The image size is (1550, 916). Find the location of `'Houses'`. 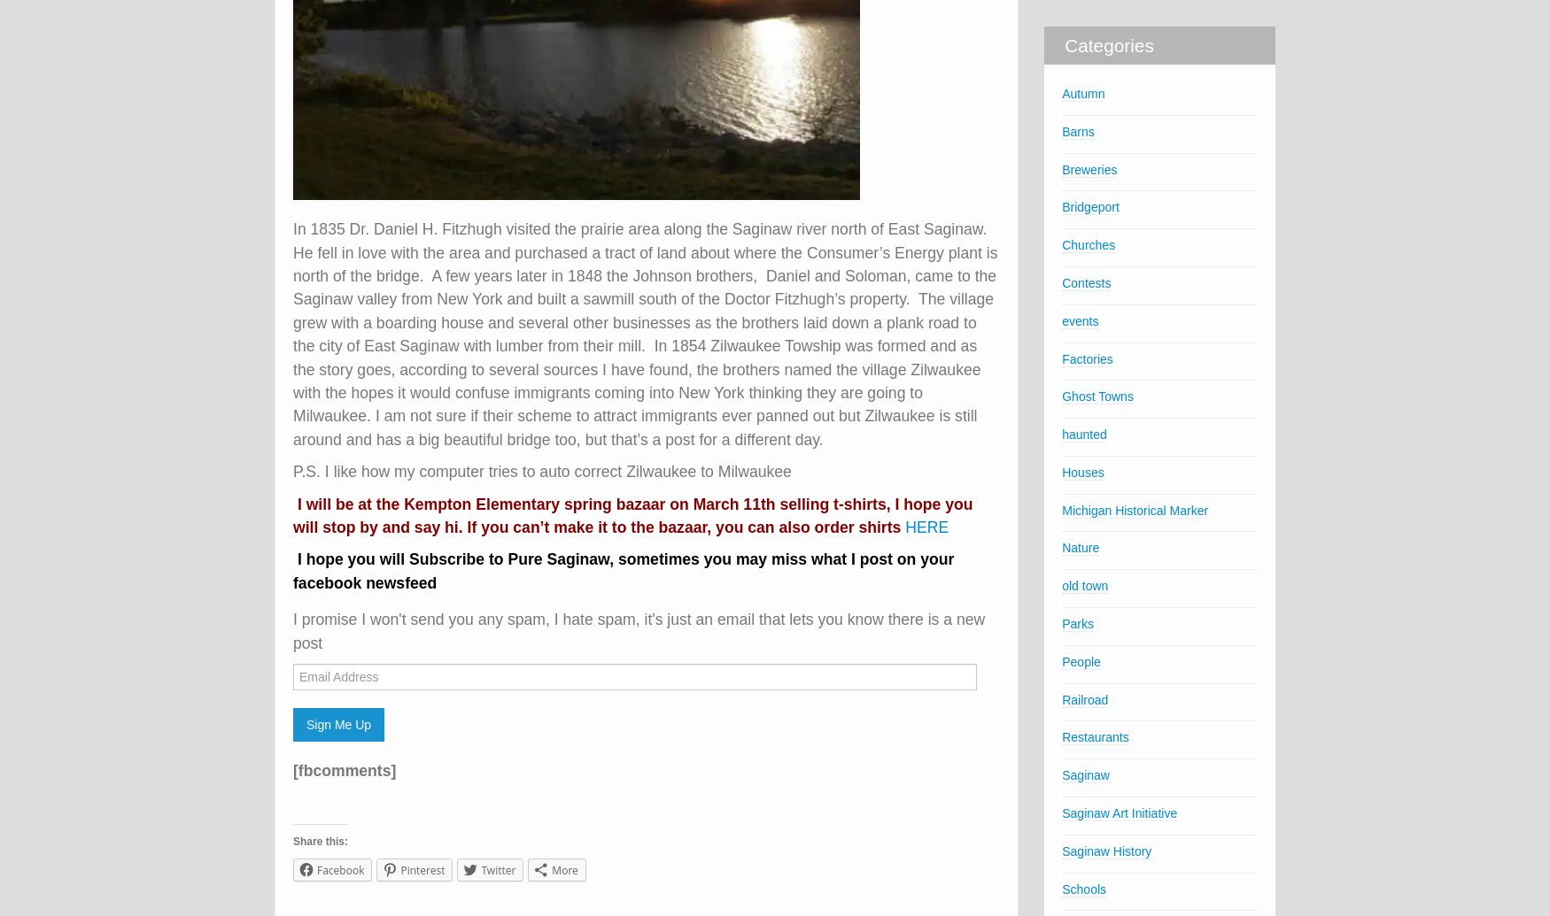

'Houses' is located at coordinates (1082, 471).